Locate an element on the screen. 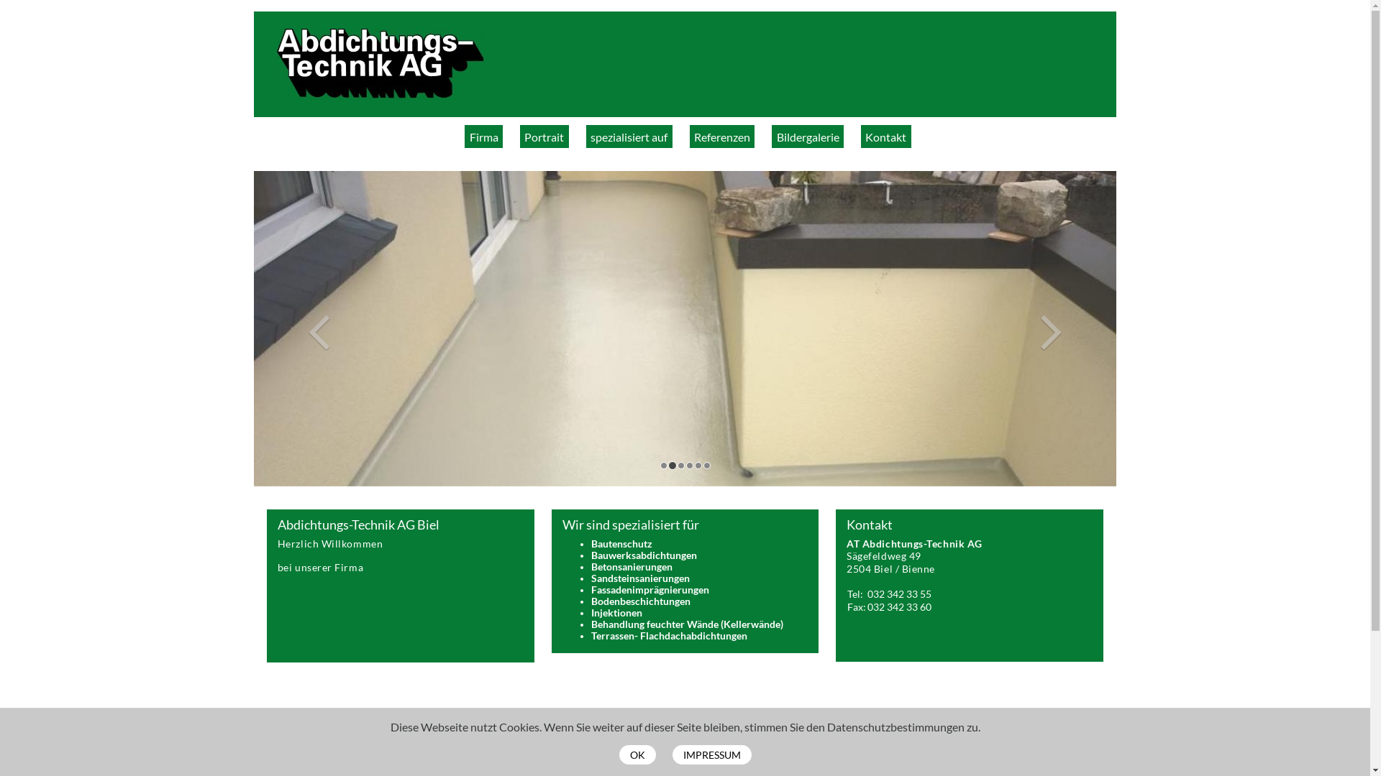 This screenshot has height=776, width=1381. 'Referenzen' is located at coordinates (721, 136).